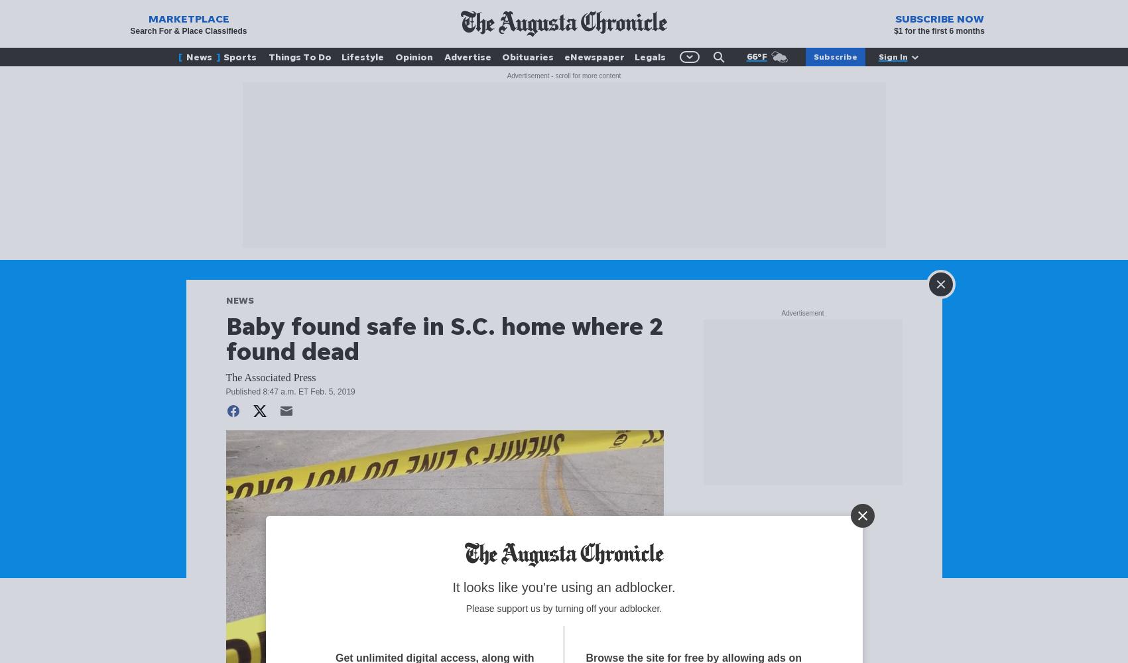  What do you see at coordinates (563, 587) in the screenshot?
I see `'It looks like you're using an adblocker.'` at bounding box center [563, 587].